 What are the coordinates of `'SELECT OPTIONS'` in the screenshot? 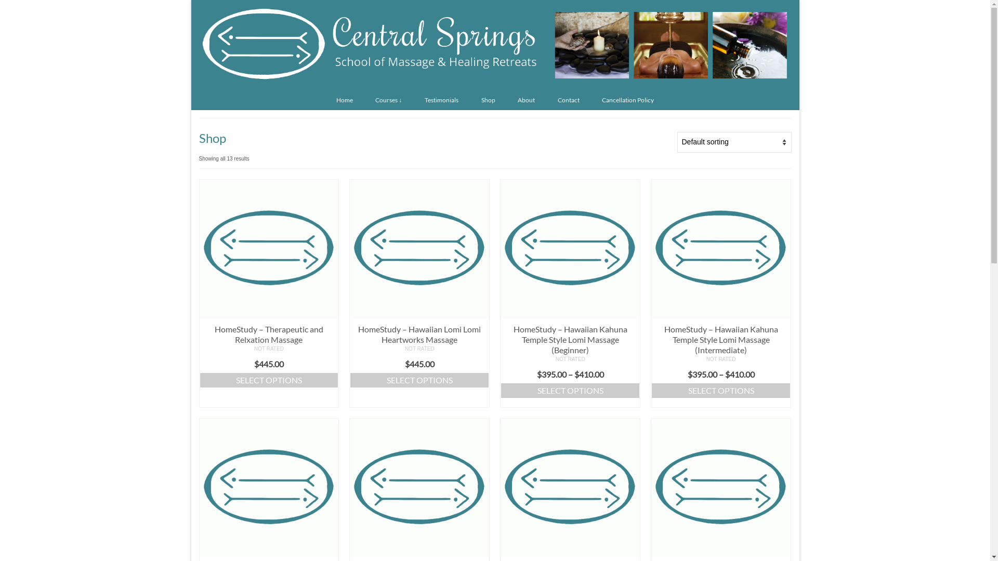 It's located at (419, 380).